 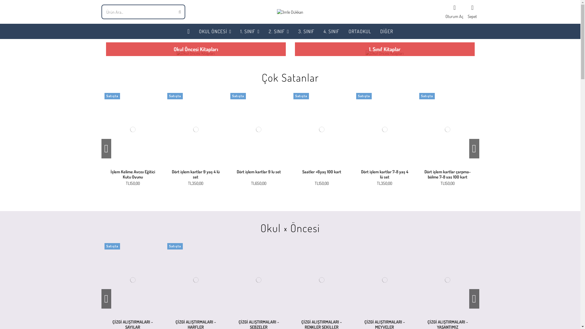 What do you see at coordinates (278, 31) in the screenshot?
I see `'2. SINIF'` at bounding box center [278, 31].